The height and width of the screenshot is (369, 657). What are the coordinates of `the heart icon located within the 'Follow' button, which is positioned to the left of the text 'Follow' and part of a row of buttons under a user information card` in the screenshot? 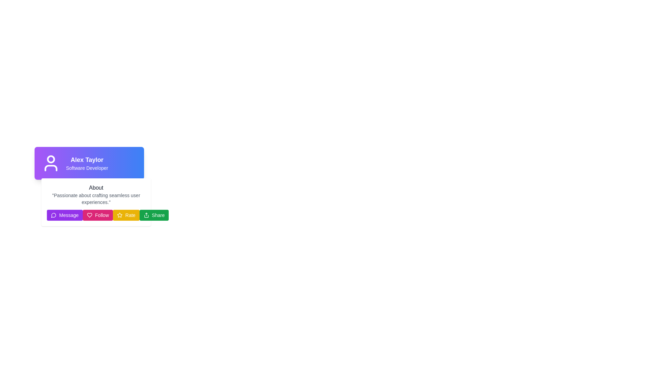 It's located at (89, 215).